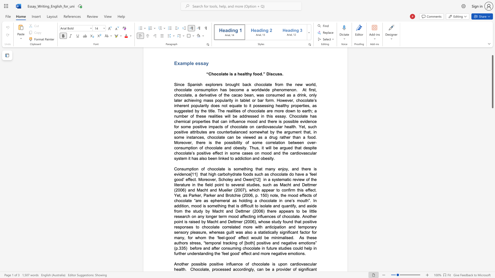 This screenshot has height=278, width=495. I want to click on the scrollbar and move down 340 pixels, so click(492, 81).